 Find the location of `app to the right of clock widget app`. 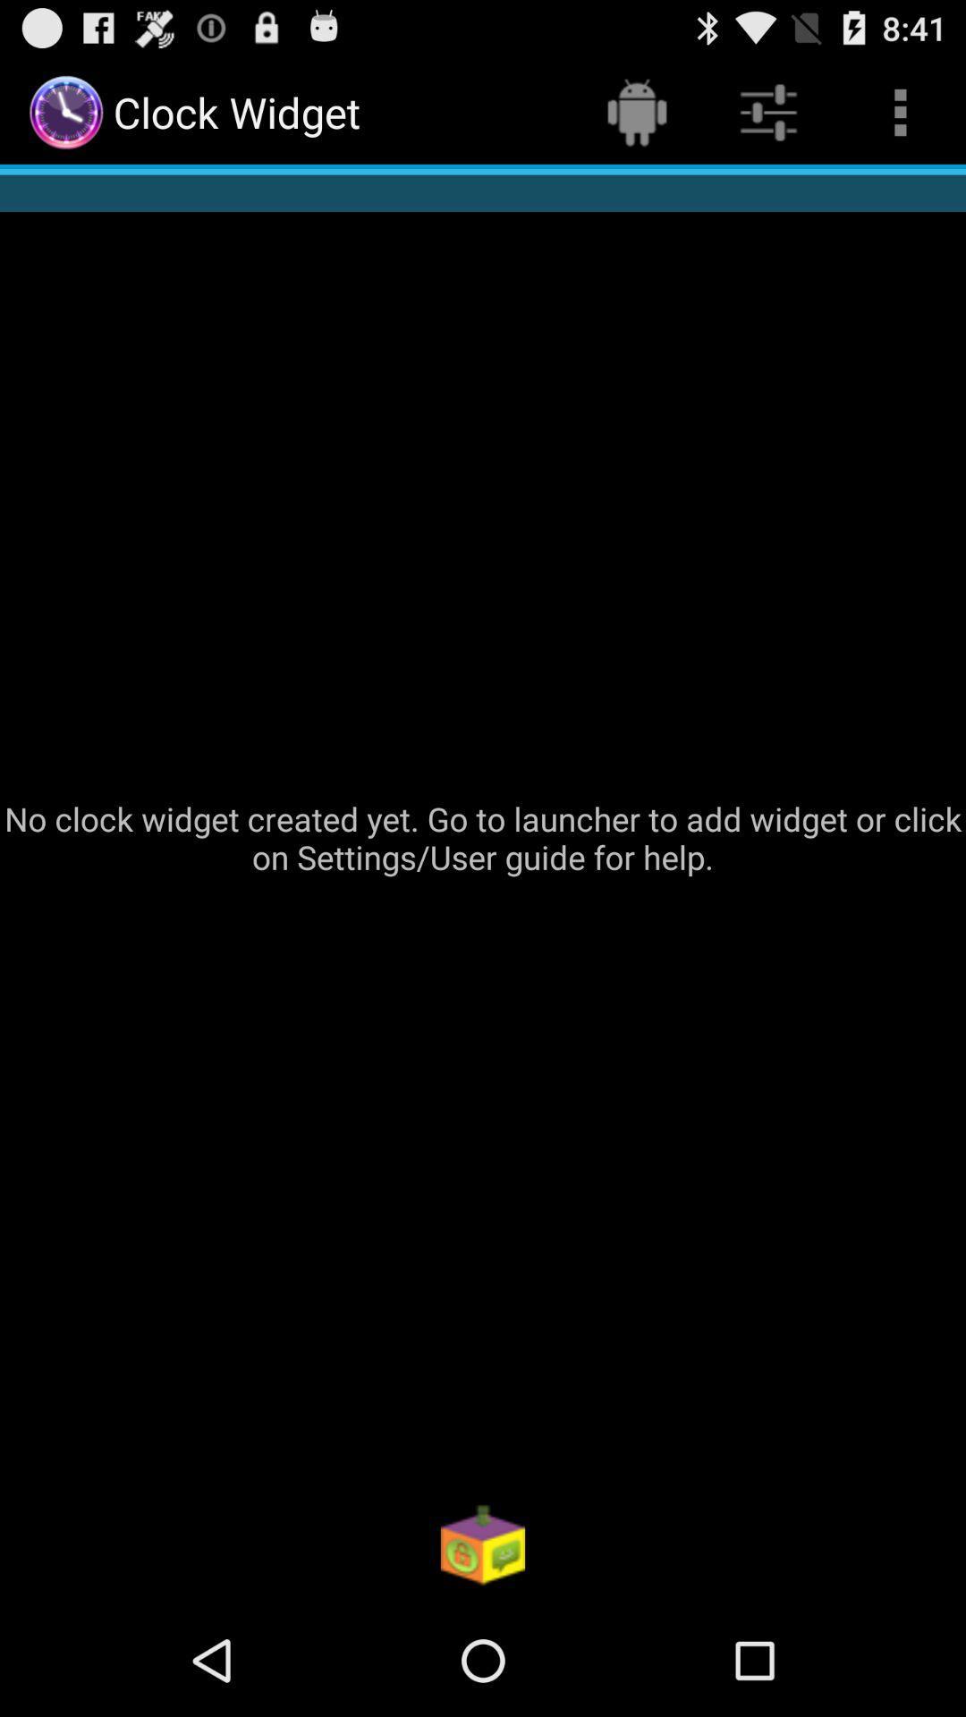

app to the right of clock widget app is located at coordinates (636, 111).